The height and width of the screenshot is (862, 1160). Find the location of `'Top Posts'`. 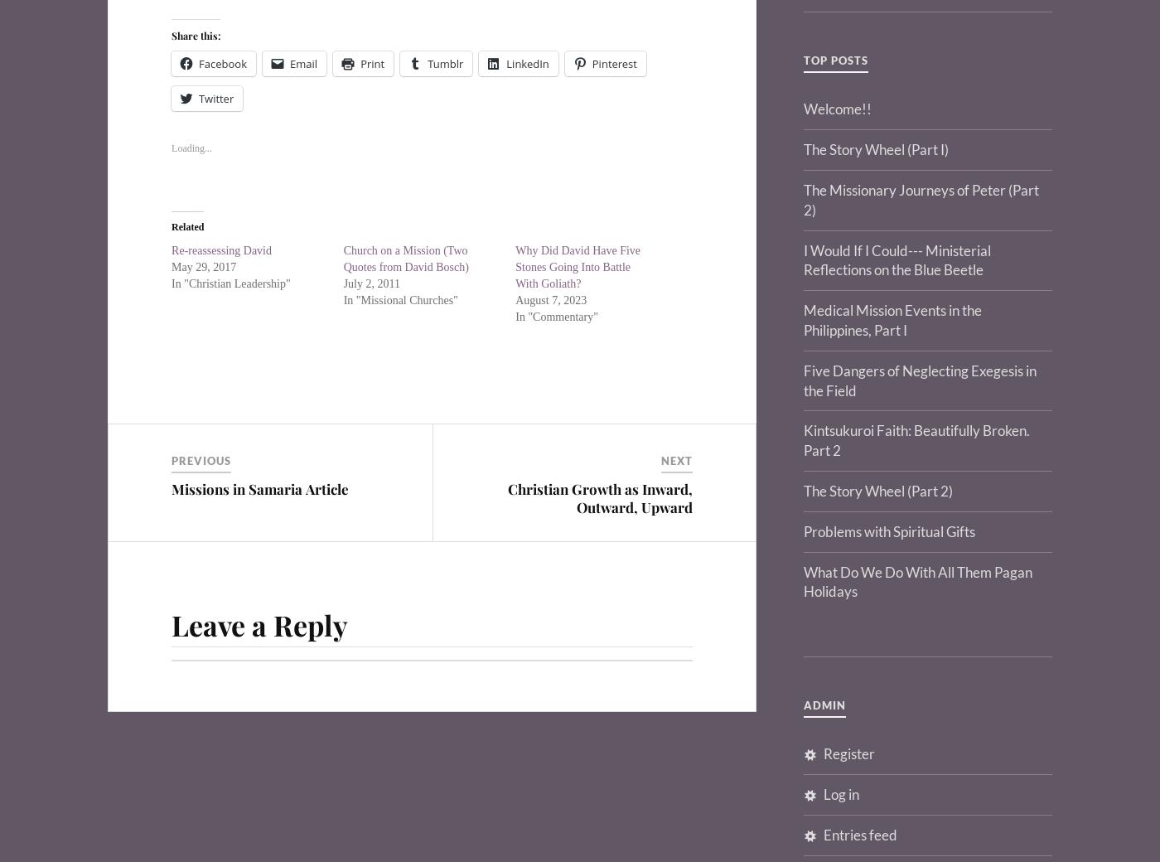

'Top Posts' is located at coordinates (835, 58).